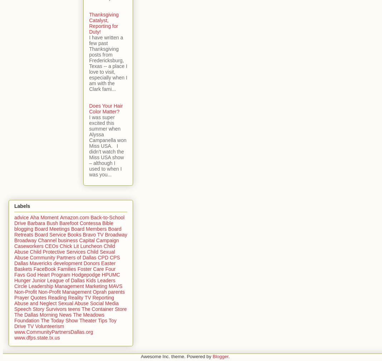 This screenshot has height=361, width=382. Describe the element at coordinates (103, 22) in the screenshot. I see `'Thanksgiving Catalyst, Reporting for Duty!'` at that location.